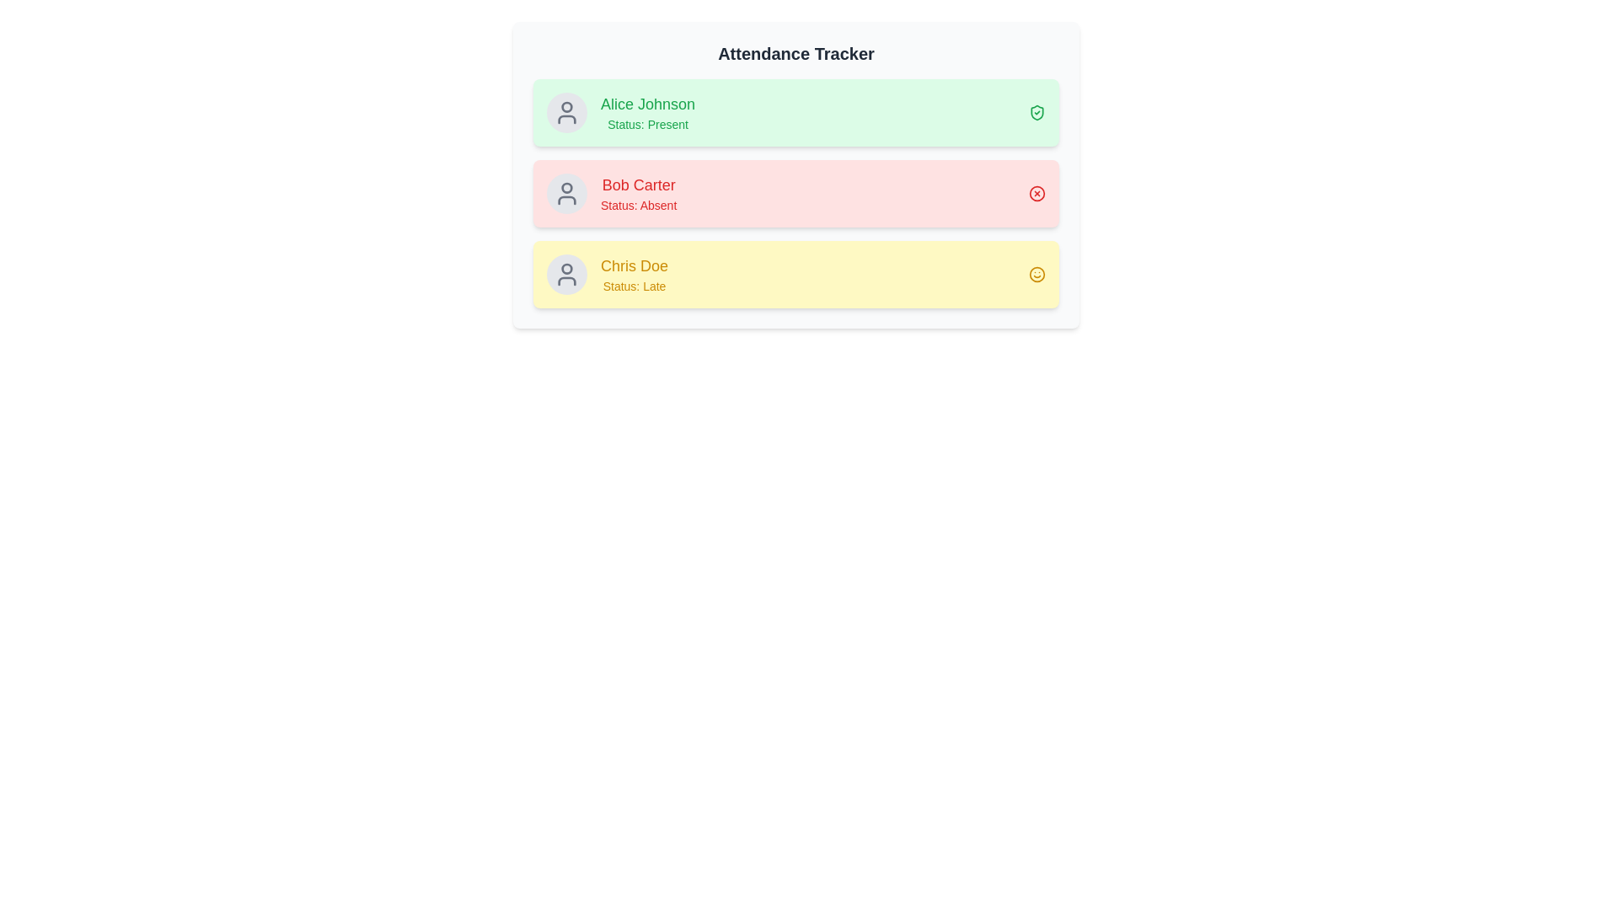 This screenshot has height=910, width=1618. Describe the element at coordinates (646, 113) in the screenshot. I see `displayed text 'Alice Johnson - Present' from the text block located to the right of the gray user silhouette icon in the topmost section of the vertically stacked list` at that location.